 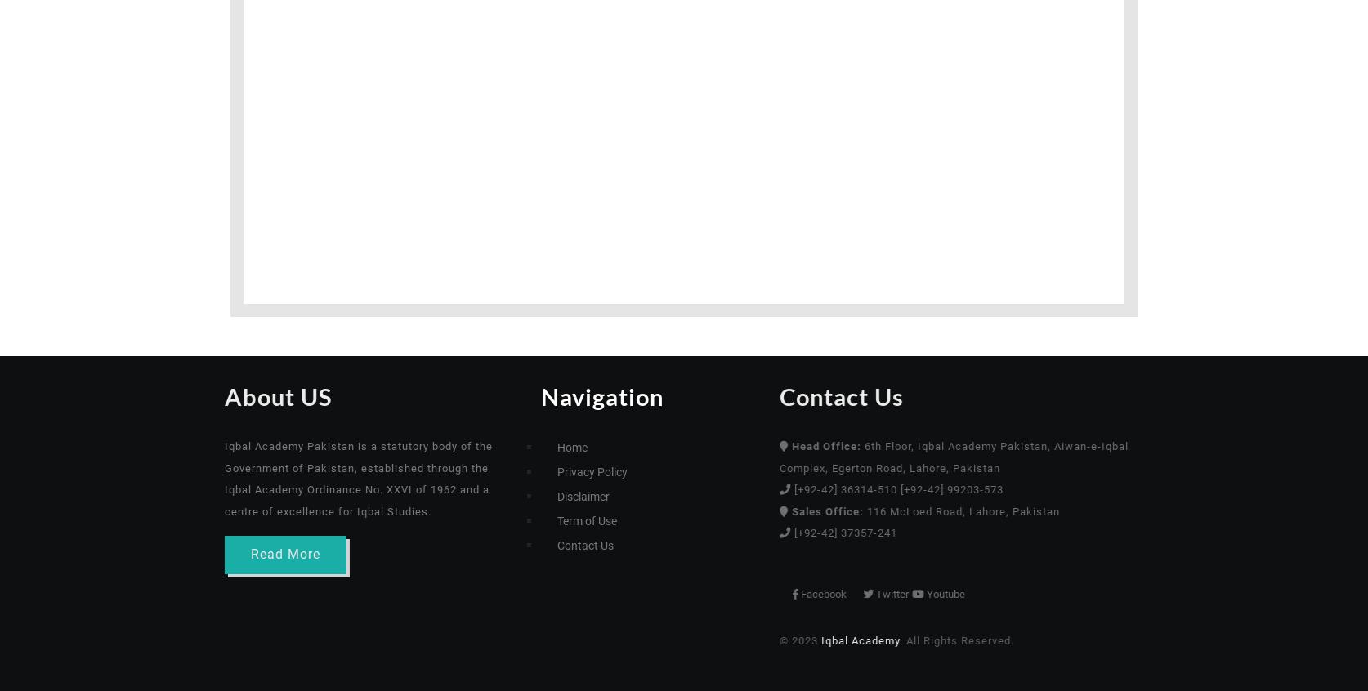 What do you see at coordinates (150, 395) in the screenshot?
I see `'About US'` at bounding box center [150, 395].